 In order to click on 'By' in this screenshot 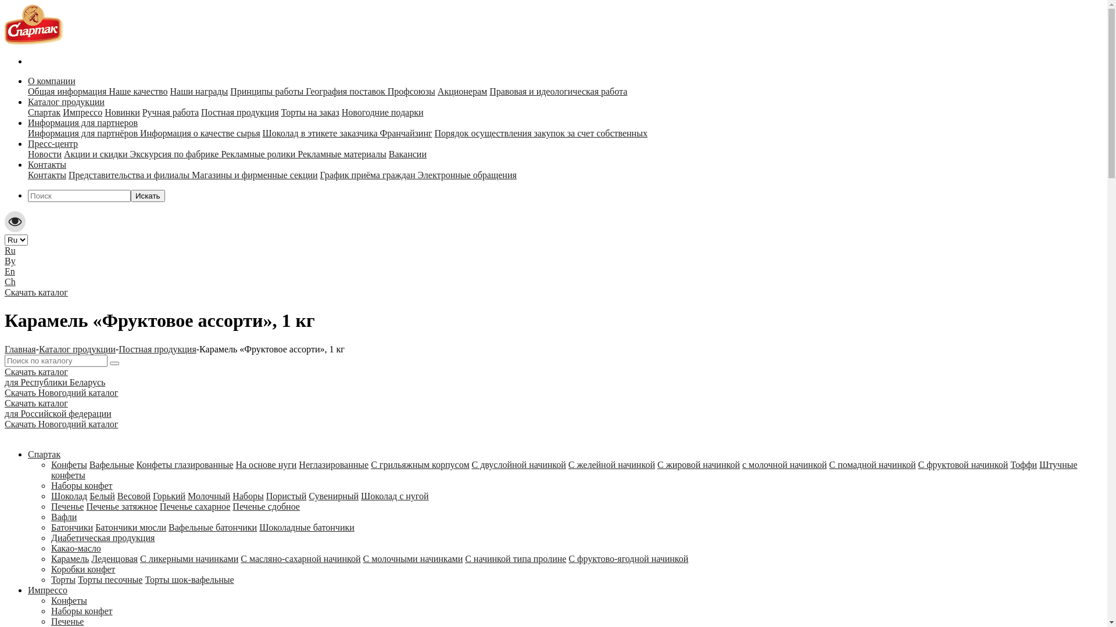, I will do `click(5, 260)`.